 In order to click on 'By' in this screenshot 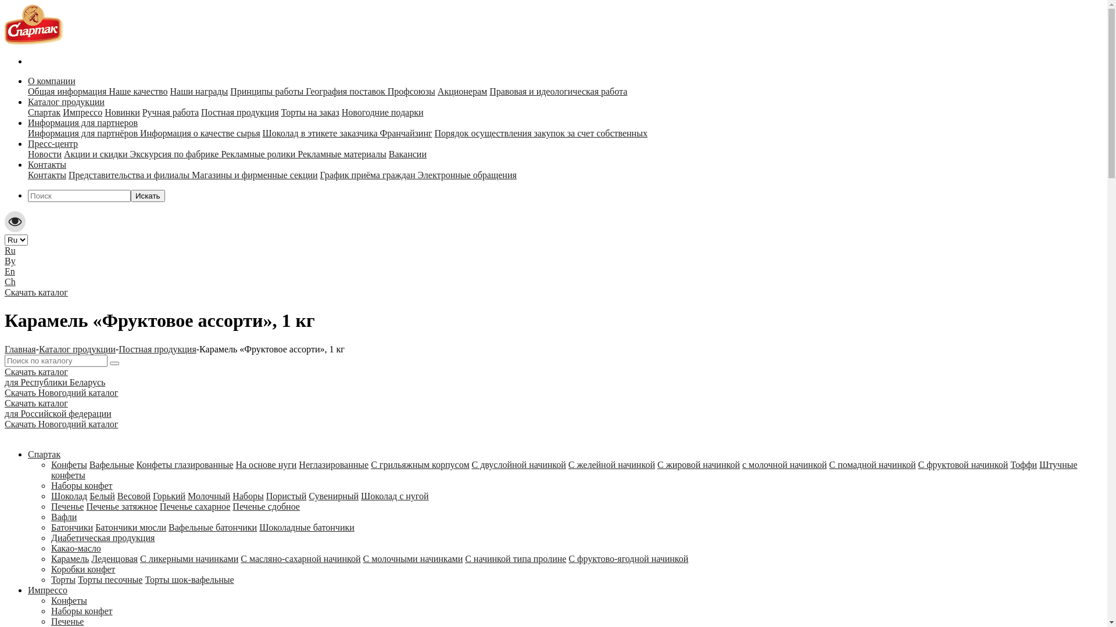, I will do `click(5, 260)`.